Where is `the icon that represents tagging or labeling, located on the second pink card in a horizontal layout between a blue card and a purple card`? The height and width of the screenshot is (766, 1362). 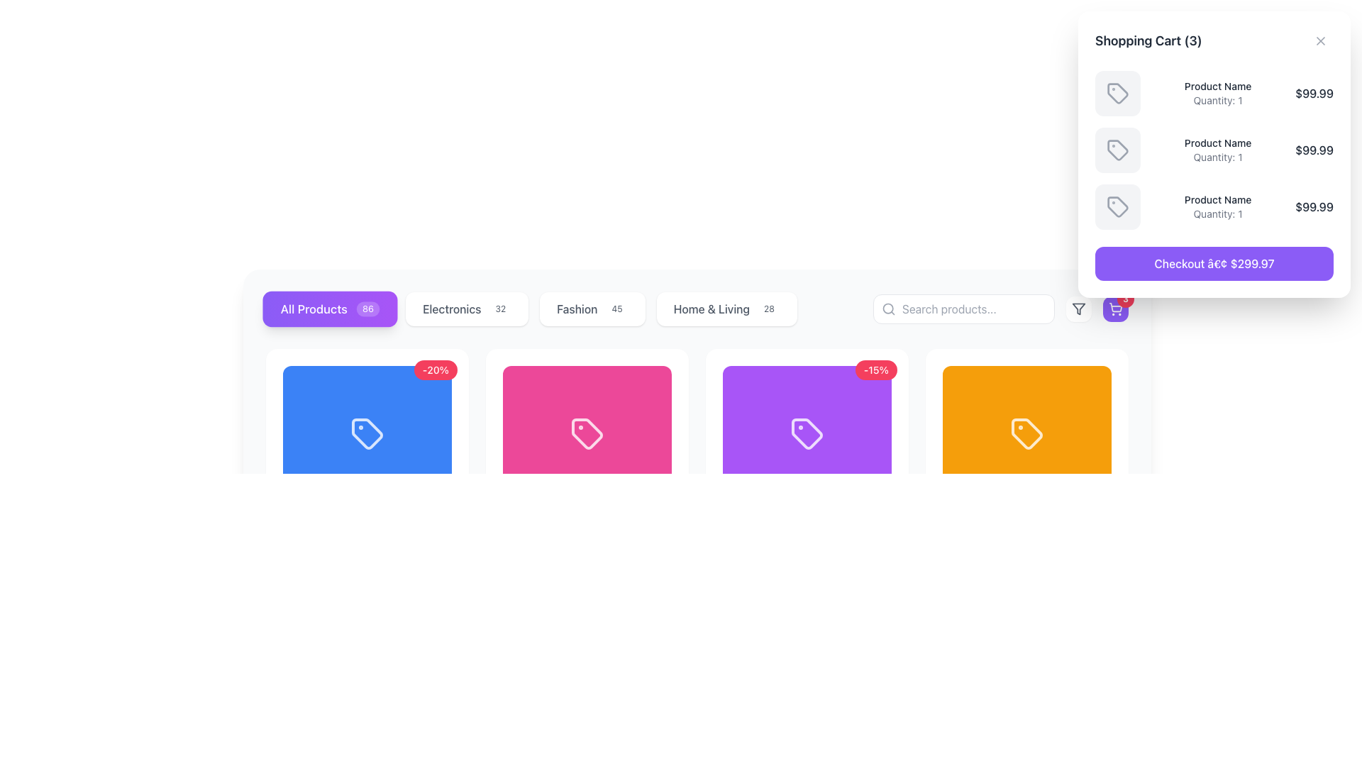
the icon that represents tagging or labeling, located on the second pink card in a horizontal layout between a blue card and a purple card is located at coordinates (587, 433).